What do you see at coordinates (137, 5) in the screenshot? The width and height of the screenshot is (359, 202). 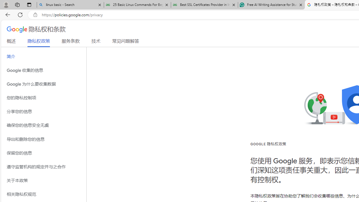 I see `'25 Basic Linux Commands For Beginners - GeeksforGeeks'` at bounding box center [137, 5].